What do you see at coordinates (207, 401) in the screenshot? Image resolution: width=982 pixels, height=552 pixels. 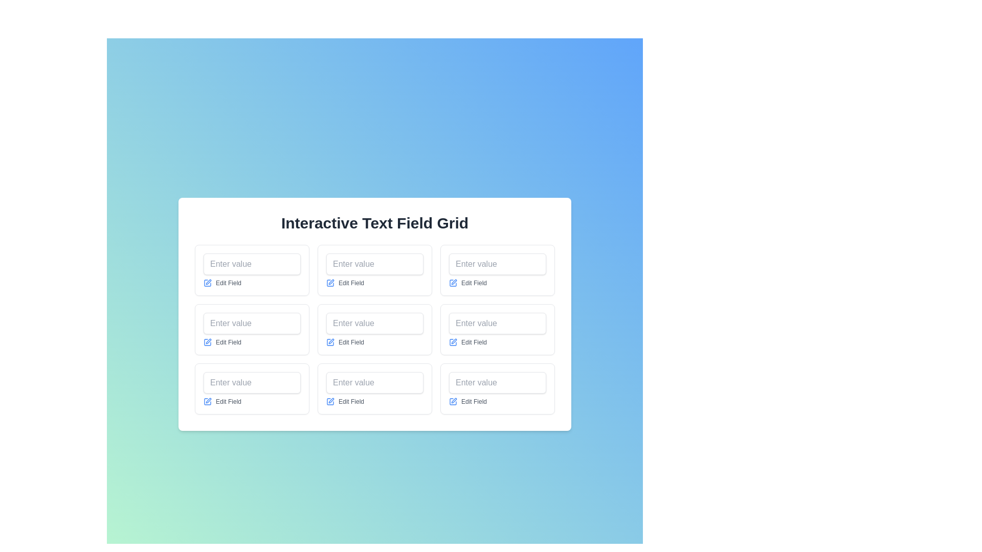 I see `the icon resembling a pen drawing within a square outline, located to the left of the label 'Edit Field', to initiate editing functionality` at bounding box center [207, 401].